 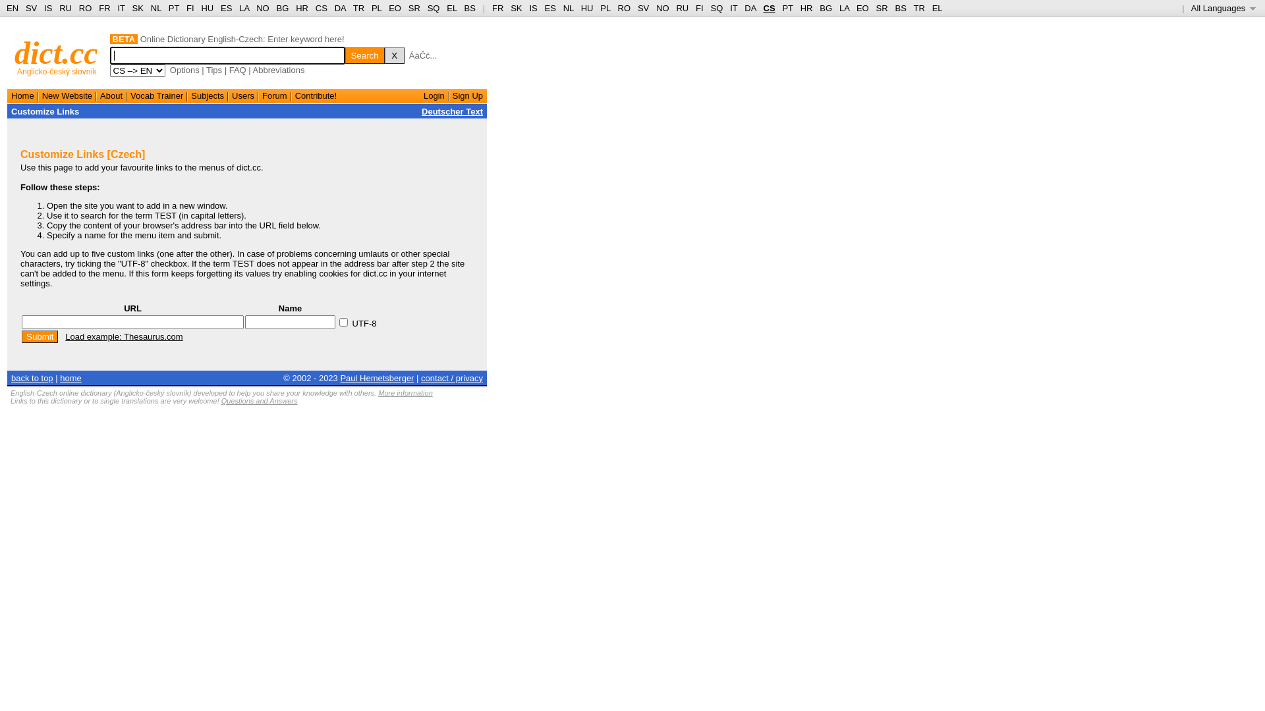 I want to click on 'IS', so click(x=47, y=8).